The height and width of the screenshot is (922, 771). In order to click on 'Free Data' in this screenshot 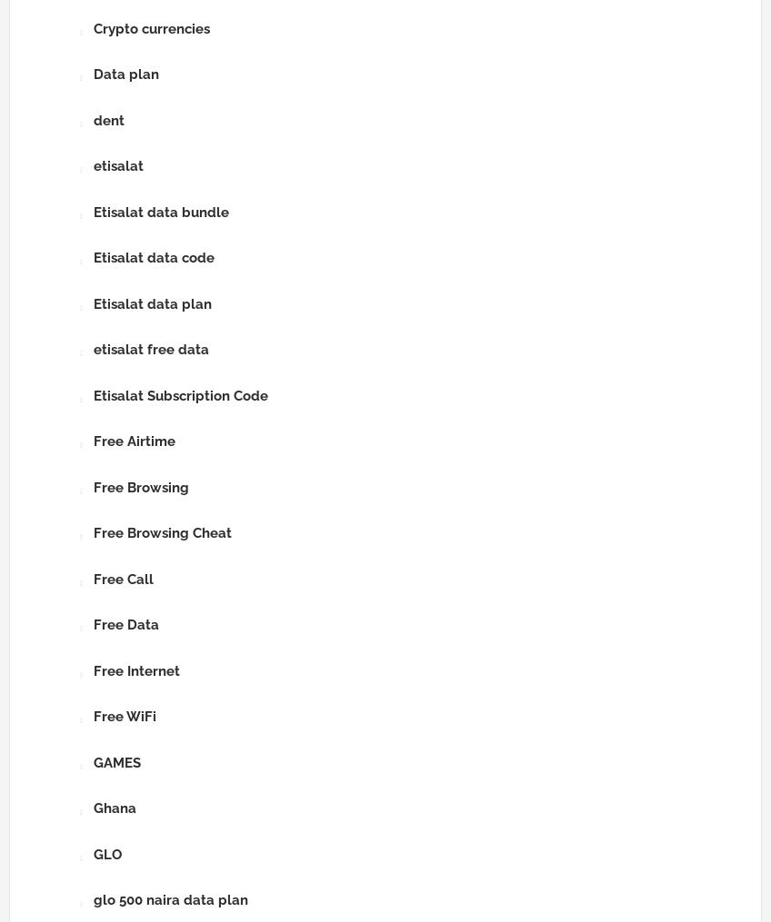, I will do `click(125, 624)`.